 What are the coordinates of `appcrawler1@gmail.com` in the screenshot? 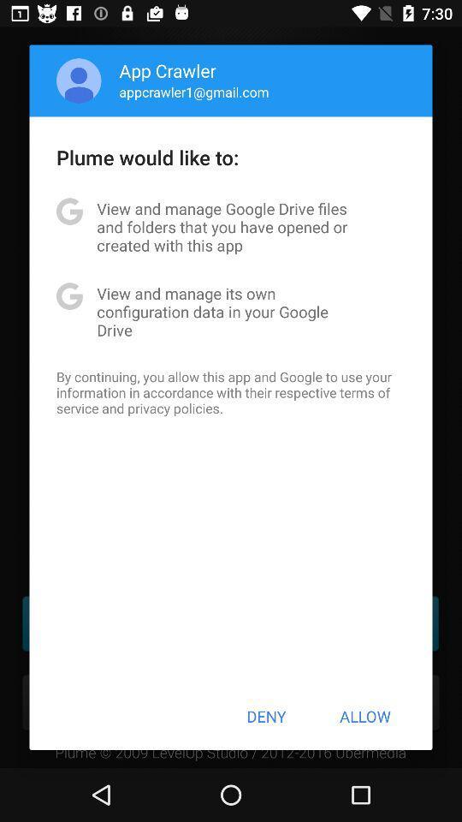 It's located at (193, 92).